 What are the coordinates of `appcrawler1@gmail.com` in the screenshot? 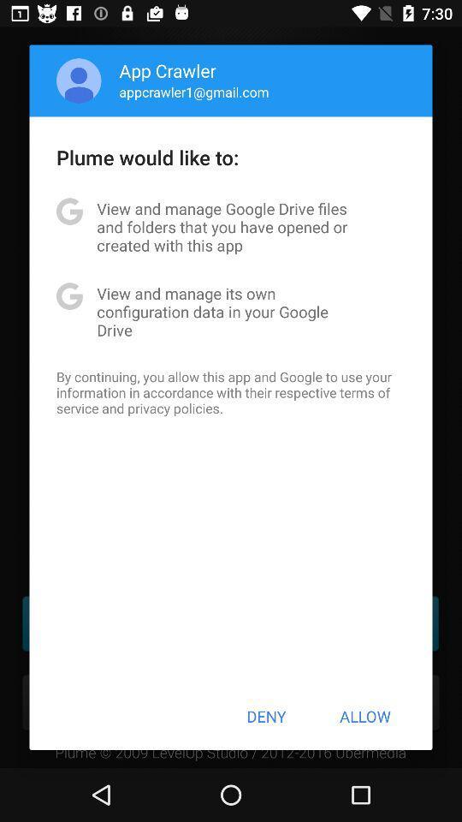 It's located at (193, 92).